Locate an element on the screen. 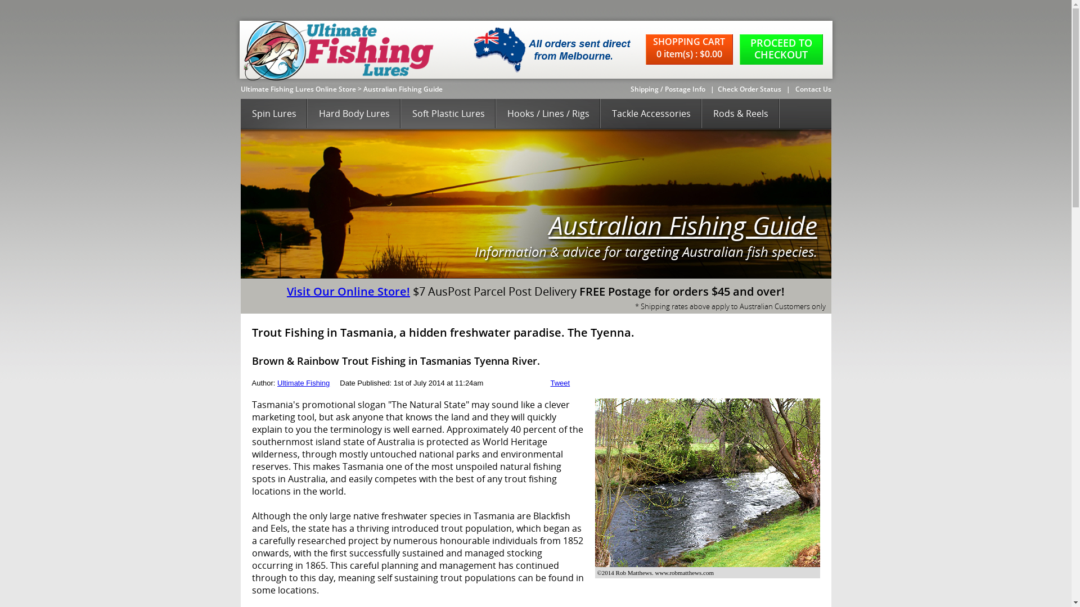 This screenshot has width=1080, height=607. 'Check Order Status' is located at coordinates (749, 88).